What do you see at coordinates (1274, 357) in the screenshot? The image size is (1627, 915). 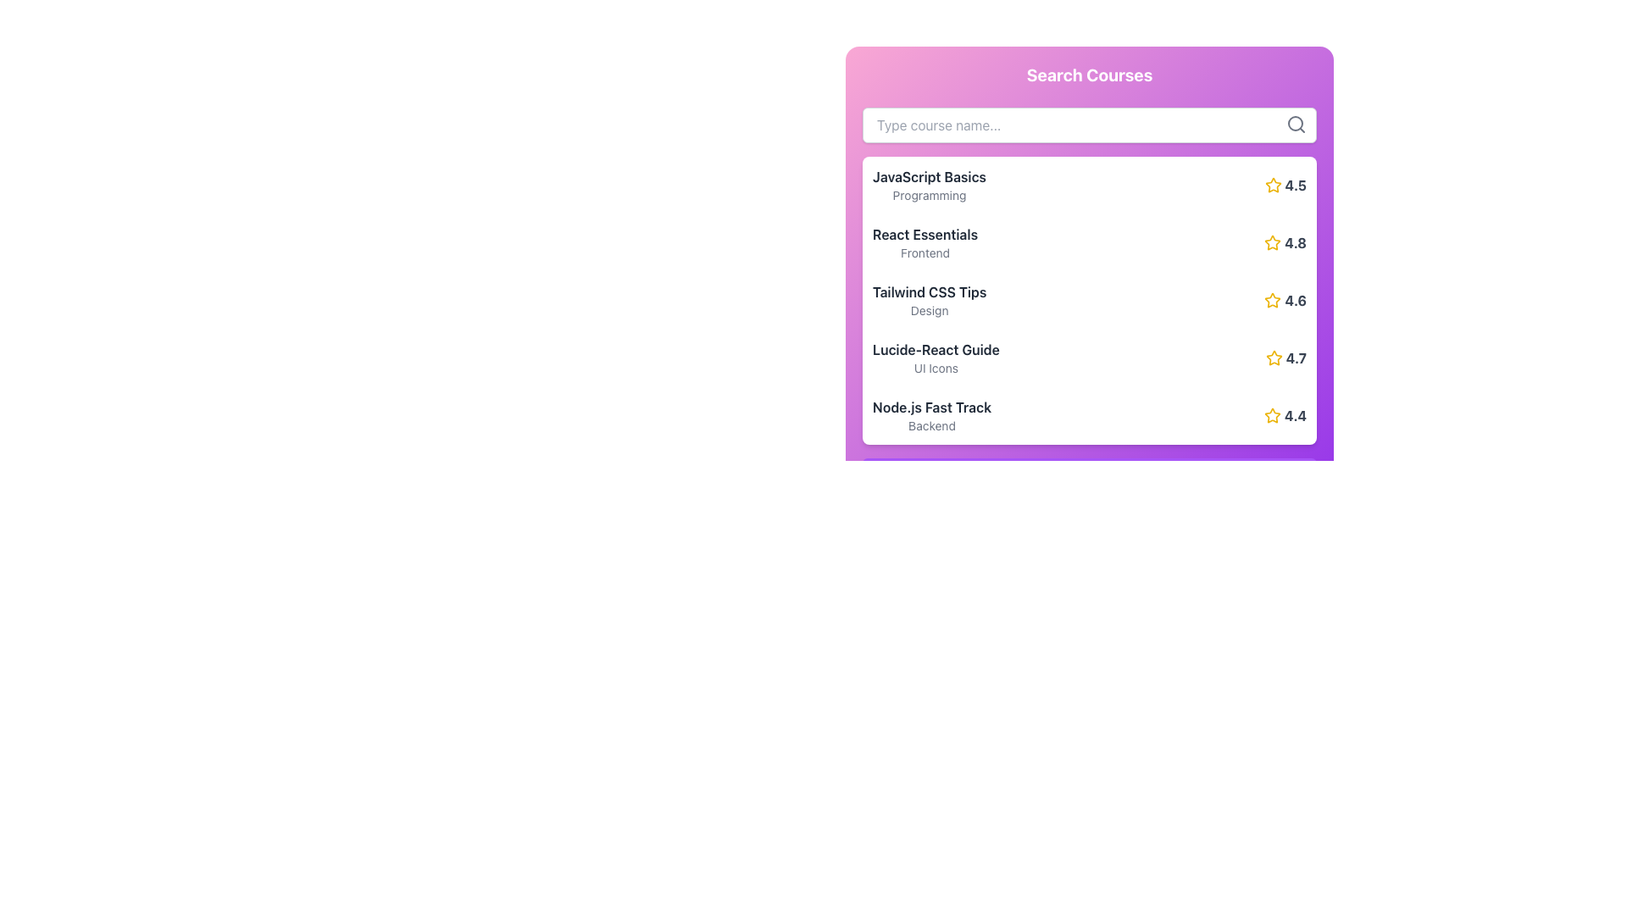 I see `the fourth yellow star icon, which has a hollow center and is located next to the numerical rating '4.7' for the 'Lucide-React Guide' list item` at bounding box center [1274, 357].